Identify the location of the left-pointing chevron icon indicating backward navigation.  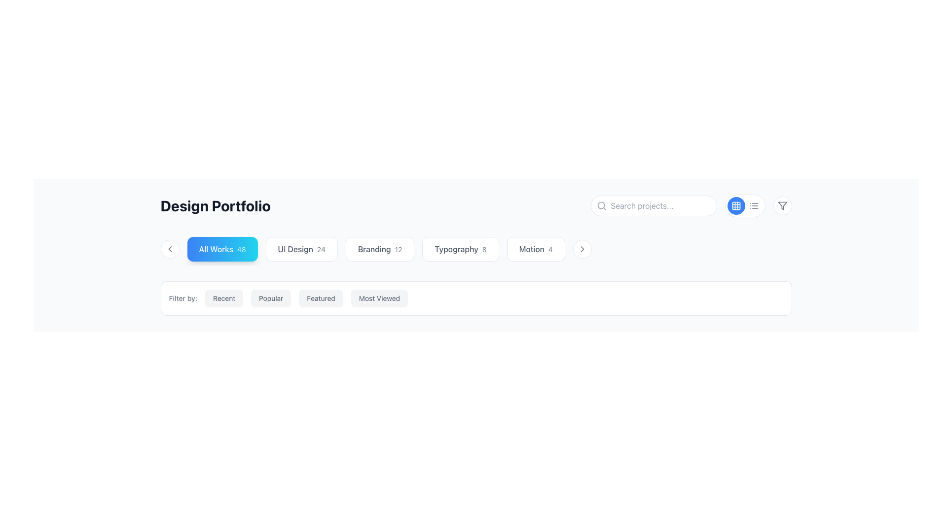
(170, 248).